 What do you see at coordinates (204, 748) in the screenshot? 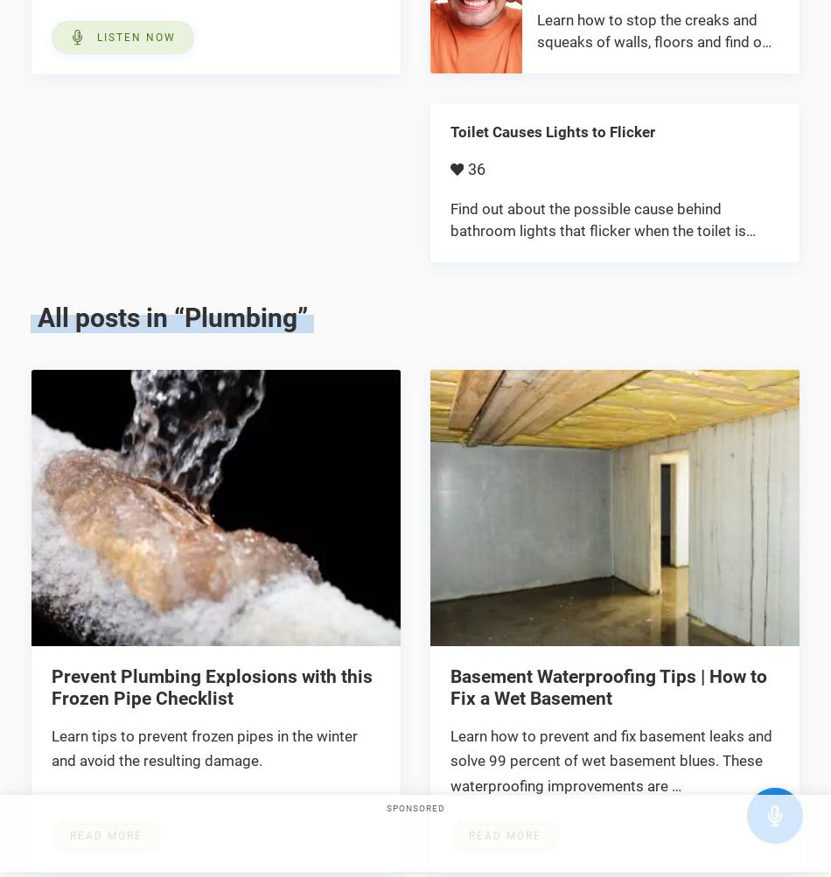
I see `'Learn tips to prevent frozen pipes in the winter and avoid the resulting damage.'` at bounding box center [204, 748].